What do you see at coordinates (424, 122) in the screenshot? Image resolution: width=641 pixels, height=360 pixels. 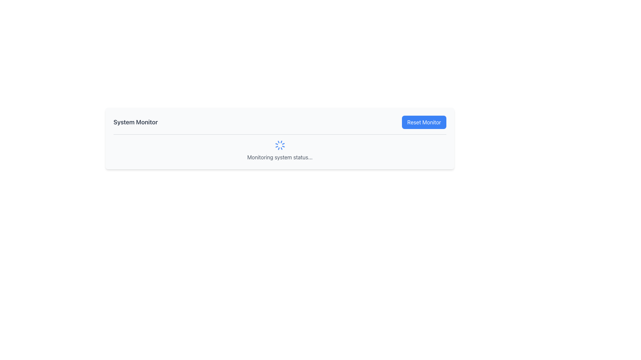 I see `the 'Reset Monitor' button, which is a blue button with white text located on the right side of the 'System Monitor' section` at bounding box center [424, 122].